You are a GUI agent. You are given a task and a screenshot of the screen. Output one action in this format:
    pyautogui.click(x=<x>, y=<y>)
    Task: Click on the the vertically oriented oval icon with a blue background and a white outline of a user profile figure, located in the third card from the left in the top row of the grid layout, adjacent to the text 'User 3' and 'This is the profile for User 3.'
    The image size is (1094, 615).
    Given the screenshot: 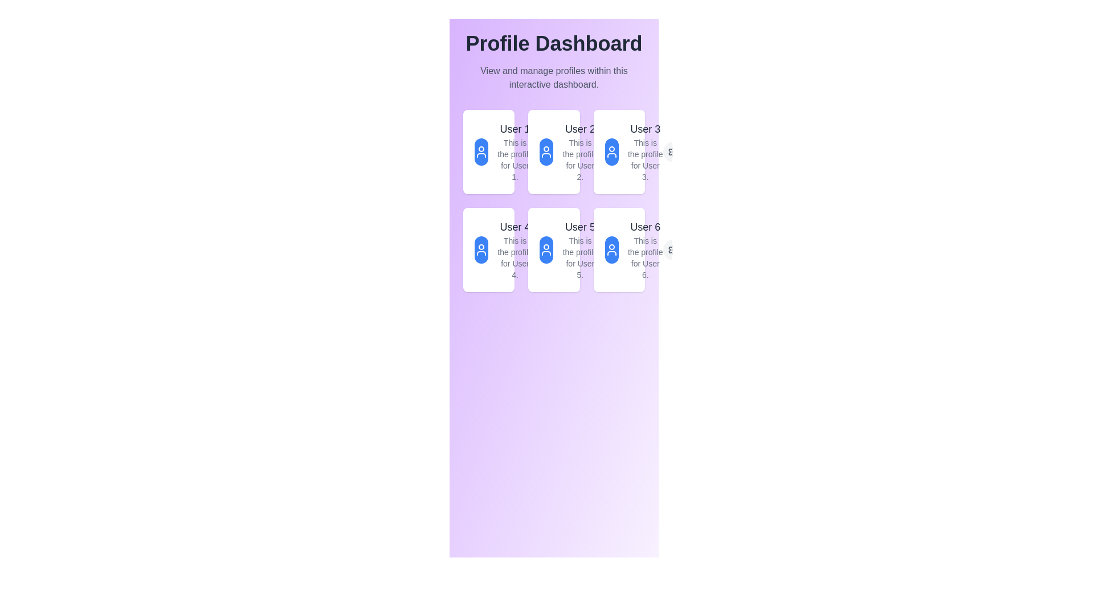 What is the action you would take?
    pyautogui.click(x=618, y=151)
    